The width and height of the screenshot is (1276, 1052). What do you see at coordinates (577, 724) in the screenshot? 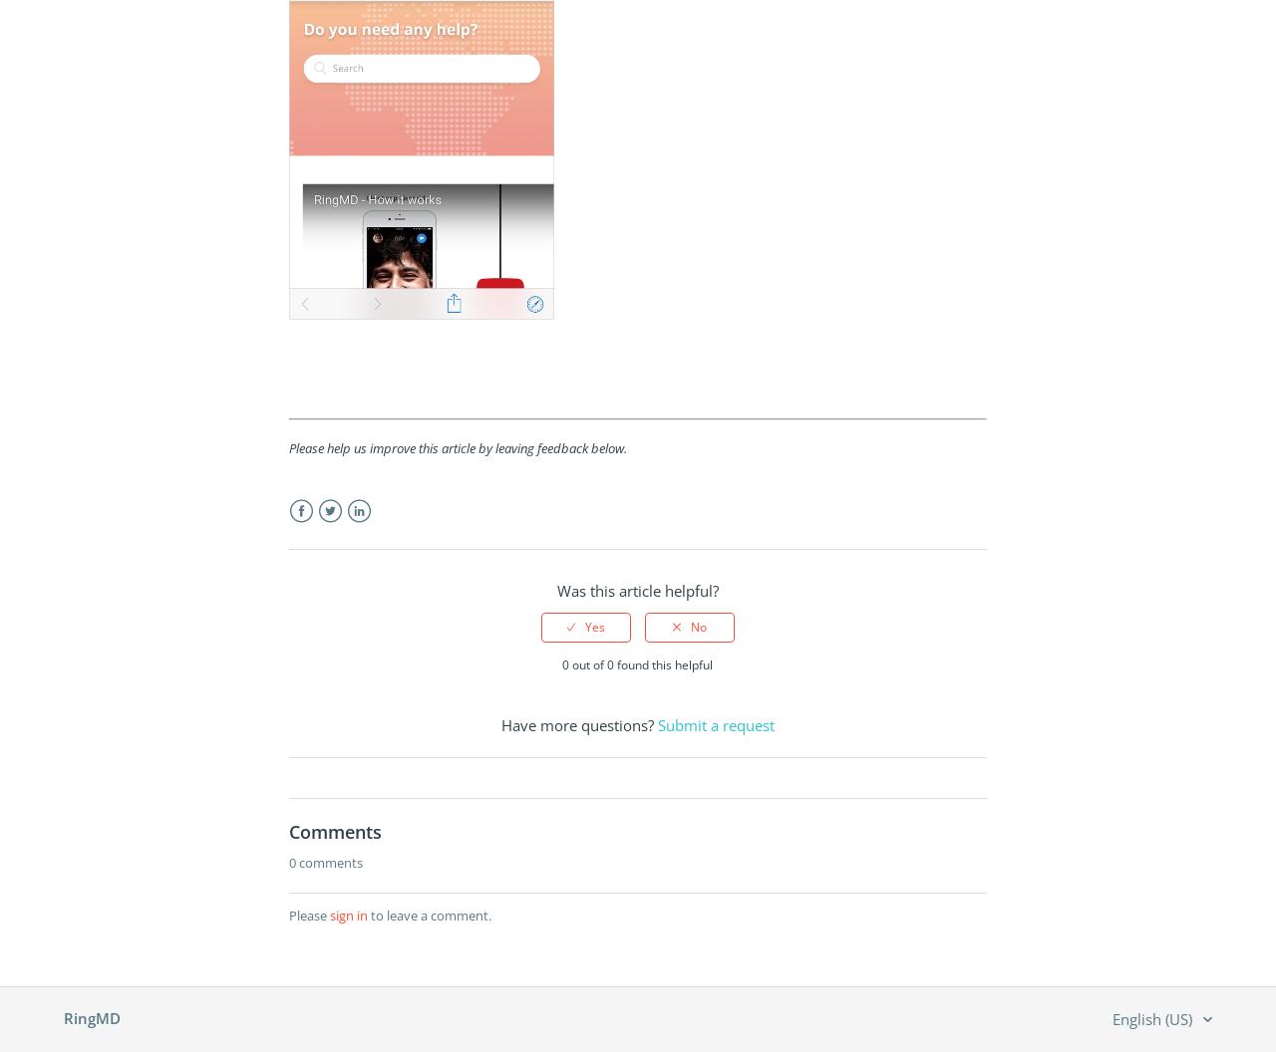
I see `'Have more questions?'` at bounding box center [577, 724].